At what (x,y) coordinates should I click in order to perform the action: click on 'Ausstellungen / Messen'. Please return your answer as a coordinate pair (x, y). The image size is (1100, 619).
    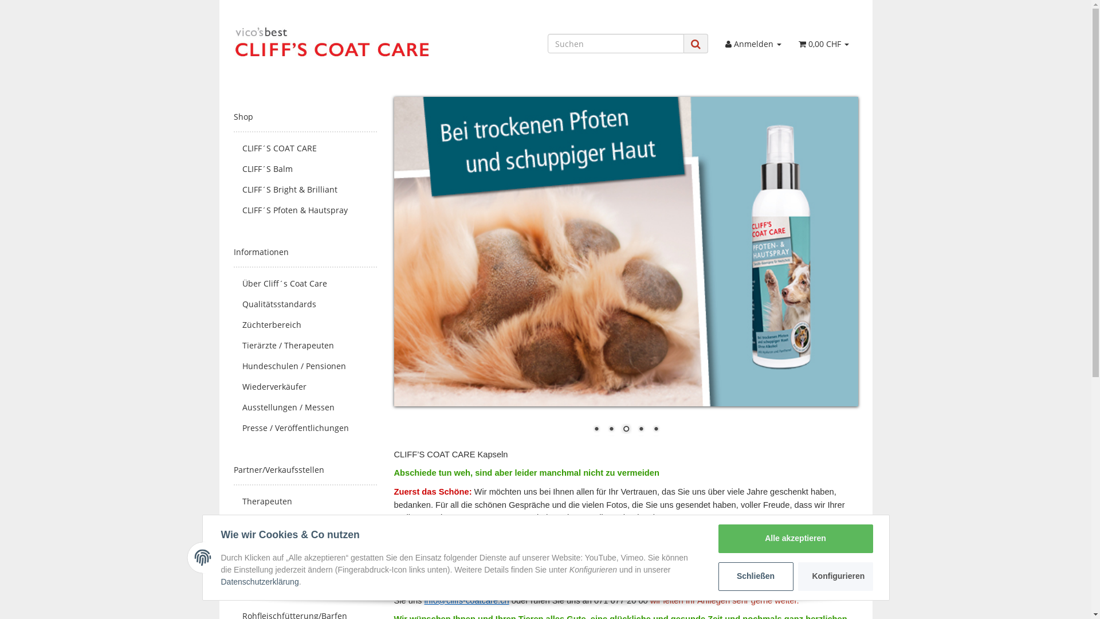
    Looking at the image, I should click on (233, 406).